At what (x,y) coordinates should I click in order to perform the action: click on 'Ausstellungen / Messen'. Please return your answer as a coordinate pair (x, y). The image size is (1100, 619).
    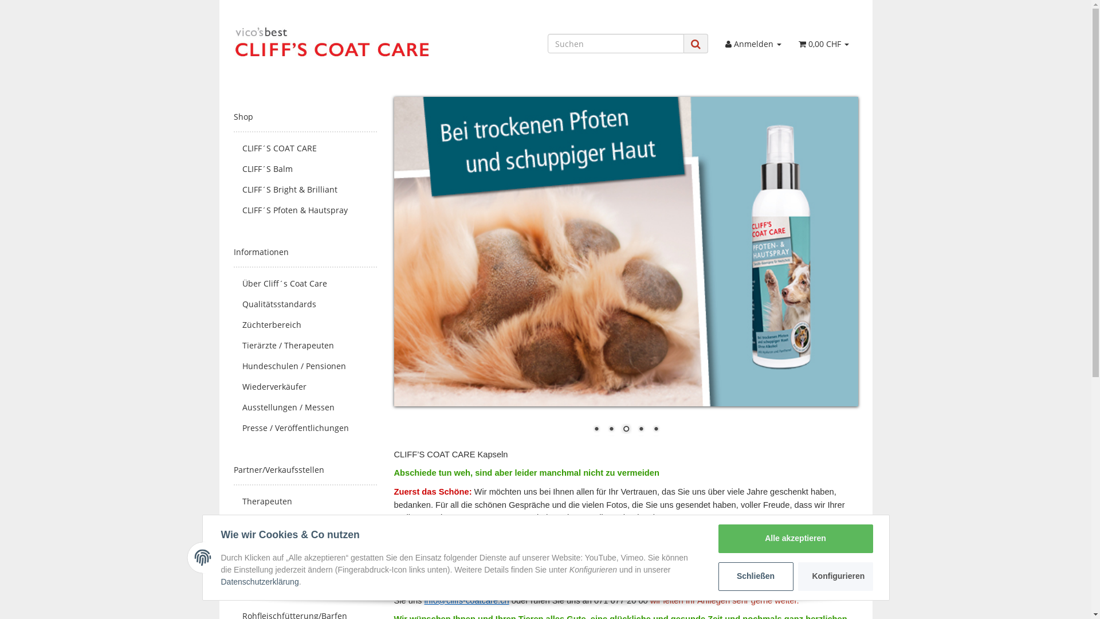
    Looking at the image, I should click on (233, 406).